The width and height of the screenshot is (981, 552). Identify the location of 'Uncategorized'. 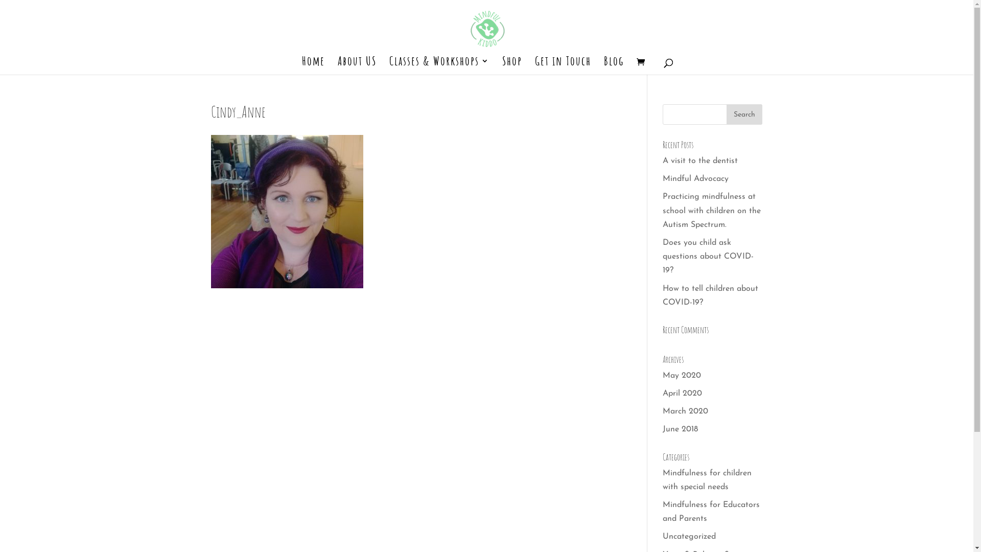
(662, 536).